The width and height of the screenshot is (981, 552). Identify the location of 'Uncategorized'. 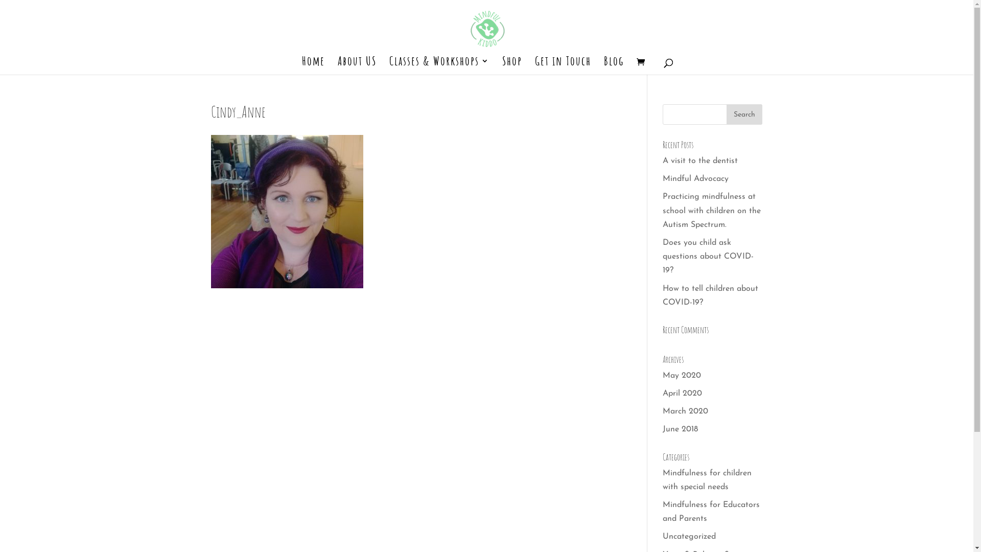
(662, 536).